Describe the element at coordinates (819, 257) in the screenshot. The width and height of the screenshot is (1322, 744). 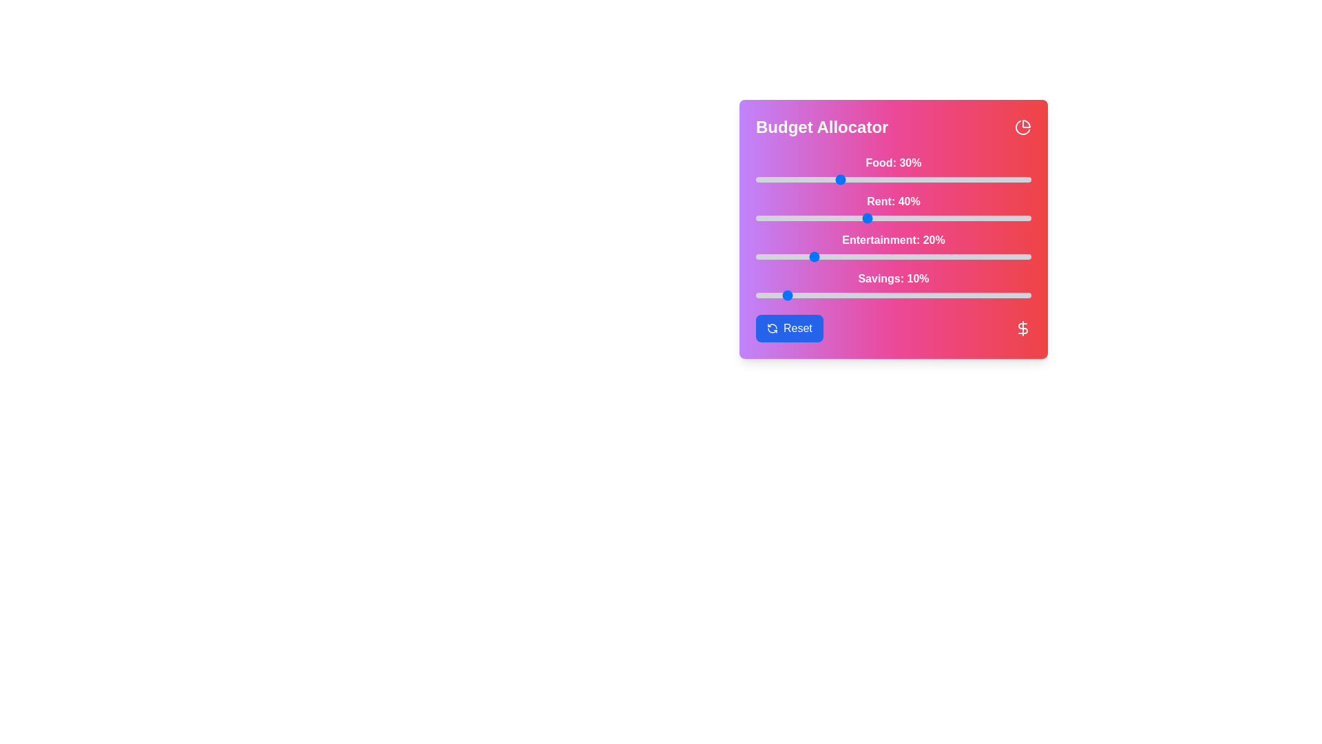
I see `the slider value` at that location.